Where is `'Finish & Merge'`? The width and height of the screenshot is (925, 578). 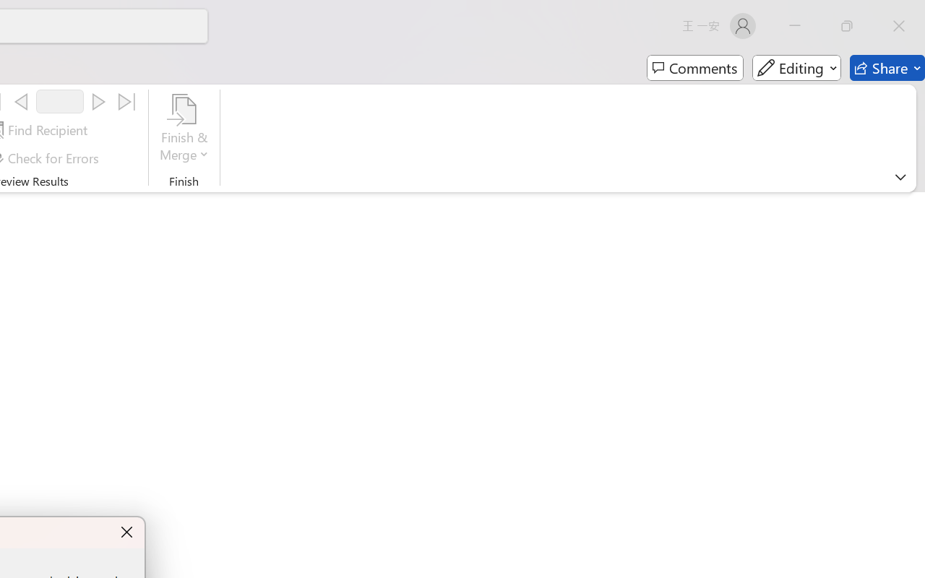
'Finish & Merge' is located at coordinates (184, 129).